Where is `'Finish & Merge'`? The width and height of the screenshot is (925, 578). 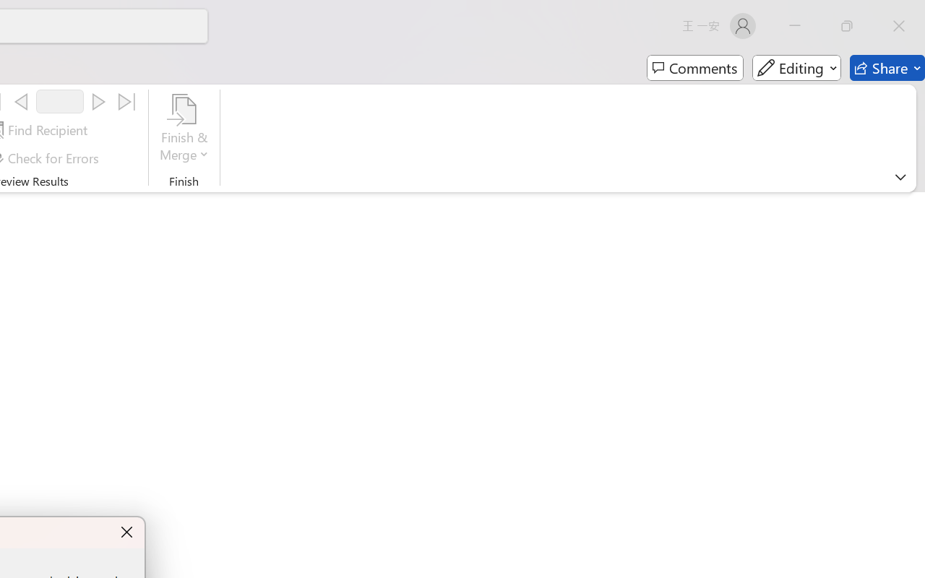
'Finish & Merge' is located at coordinates (184, 129).